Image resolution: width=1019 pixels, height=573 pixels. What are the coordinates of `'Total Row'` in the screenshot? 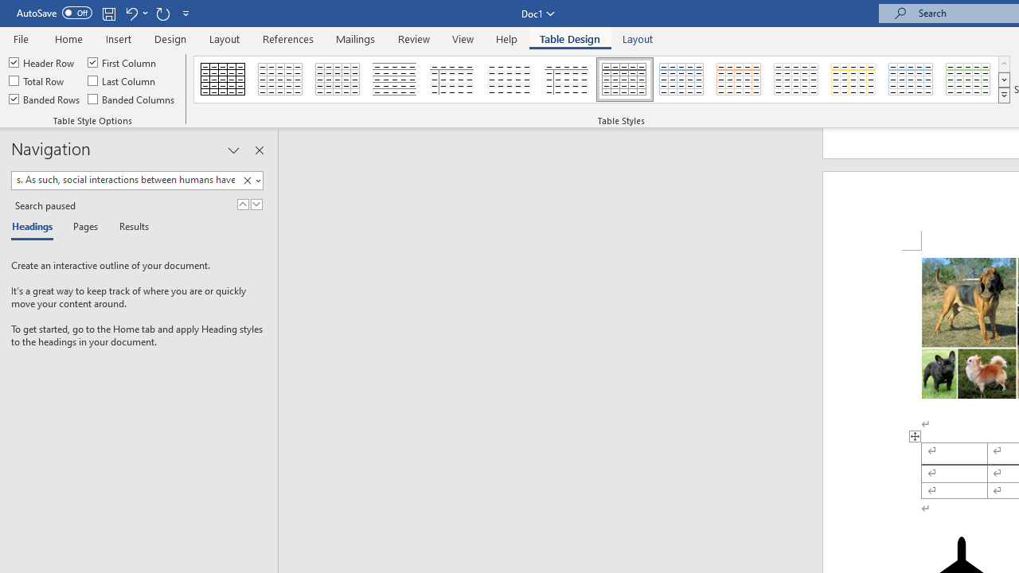 It's located at (37, 80).